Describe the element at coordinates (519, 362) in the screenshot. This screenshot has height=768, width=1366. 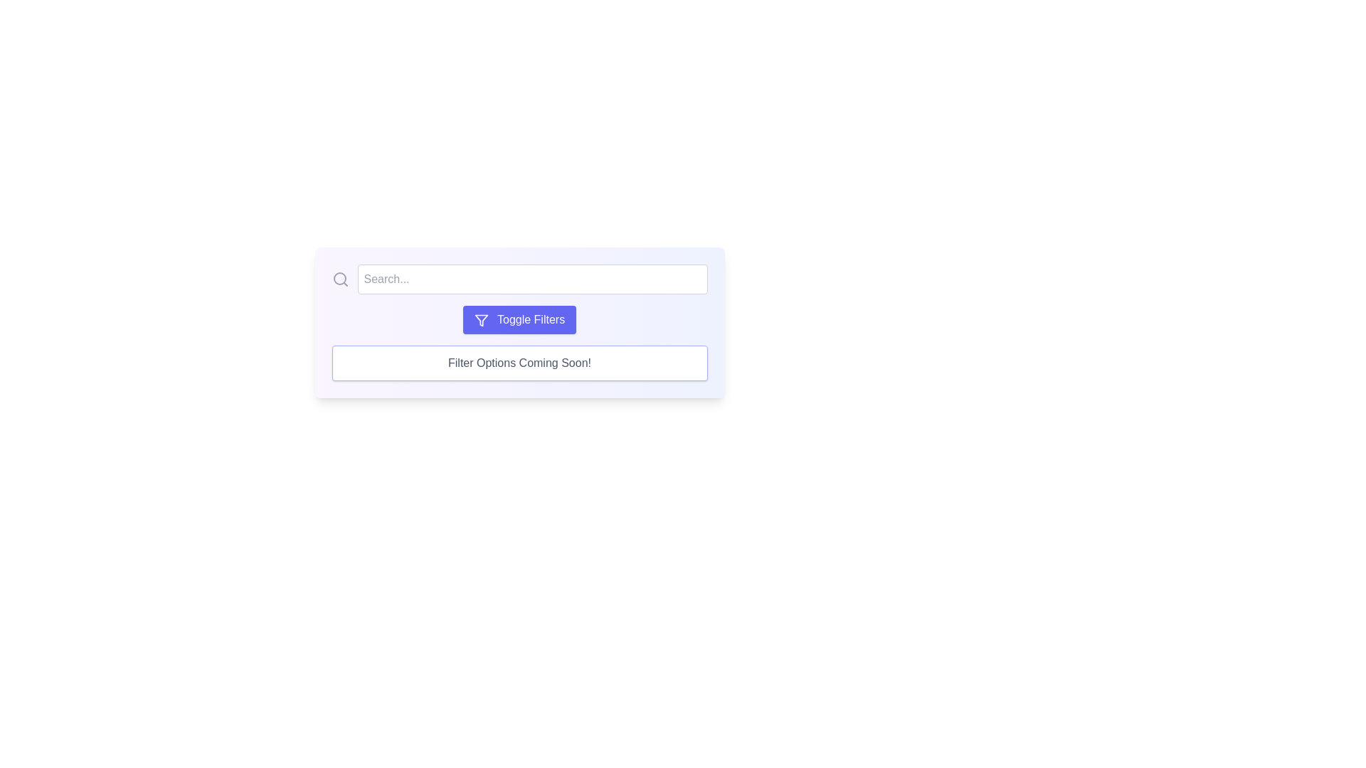
I see `the rectangular notice box containing the text 'Filter Options Coming Soon!', which is positioned centrally in the interface below the 'Toggle Filters' button` at that location.